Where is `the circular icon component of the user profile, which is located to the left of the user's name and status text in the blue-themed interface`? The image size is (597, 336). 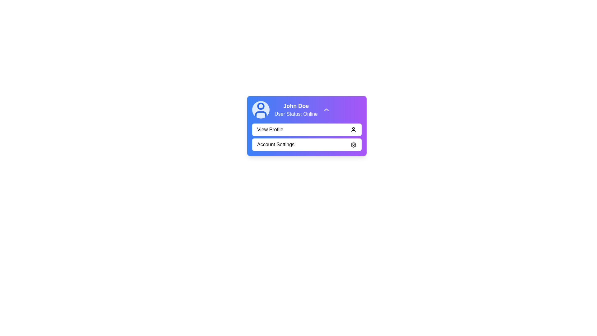
the circular icon component of the user profile, which is located to the left of the user's name and status text in the blue-themed interface is located at coordinates (261, 105).